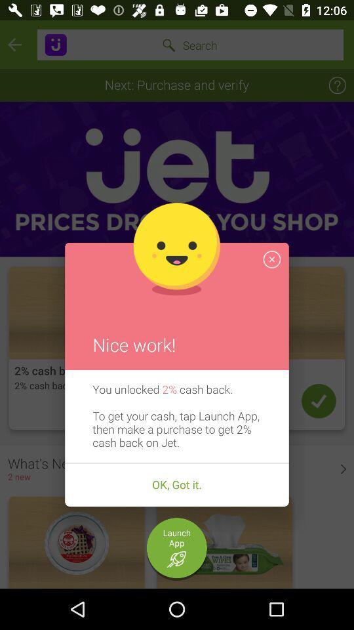  What do you see at coordinates (271, 259) in the screenshot?
I see `the item above you unlocked 2` at bounding box center [271, 259].